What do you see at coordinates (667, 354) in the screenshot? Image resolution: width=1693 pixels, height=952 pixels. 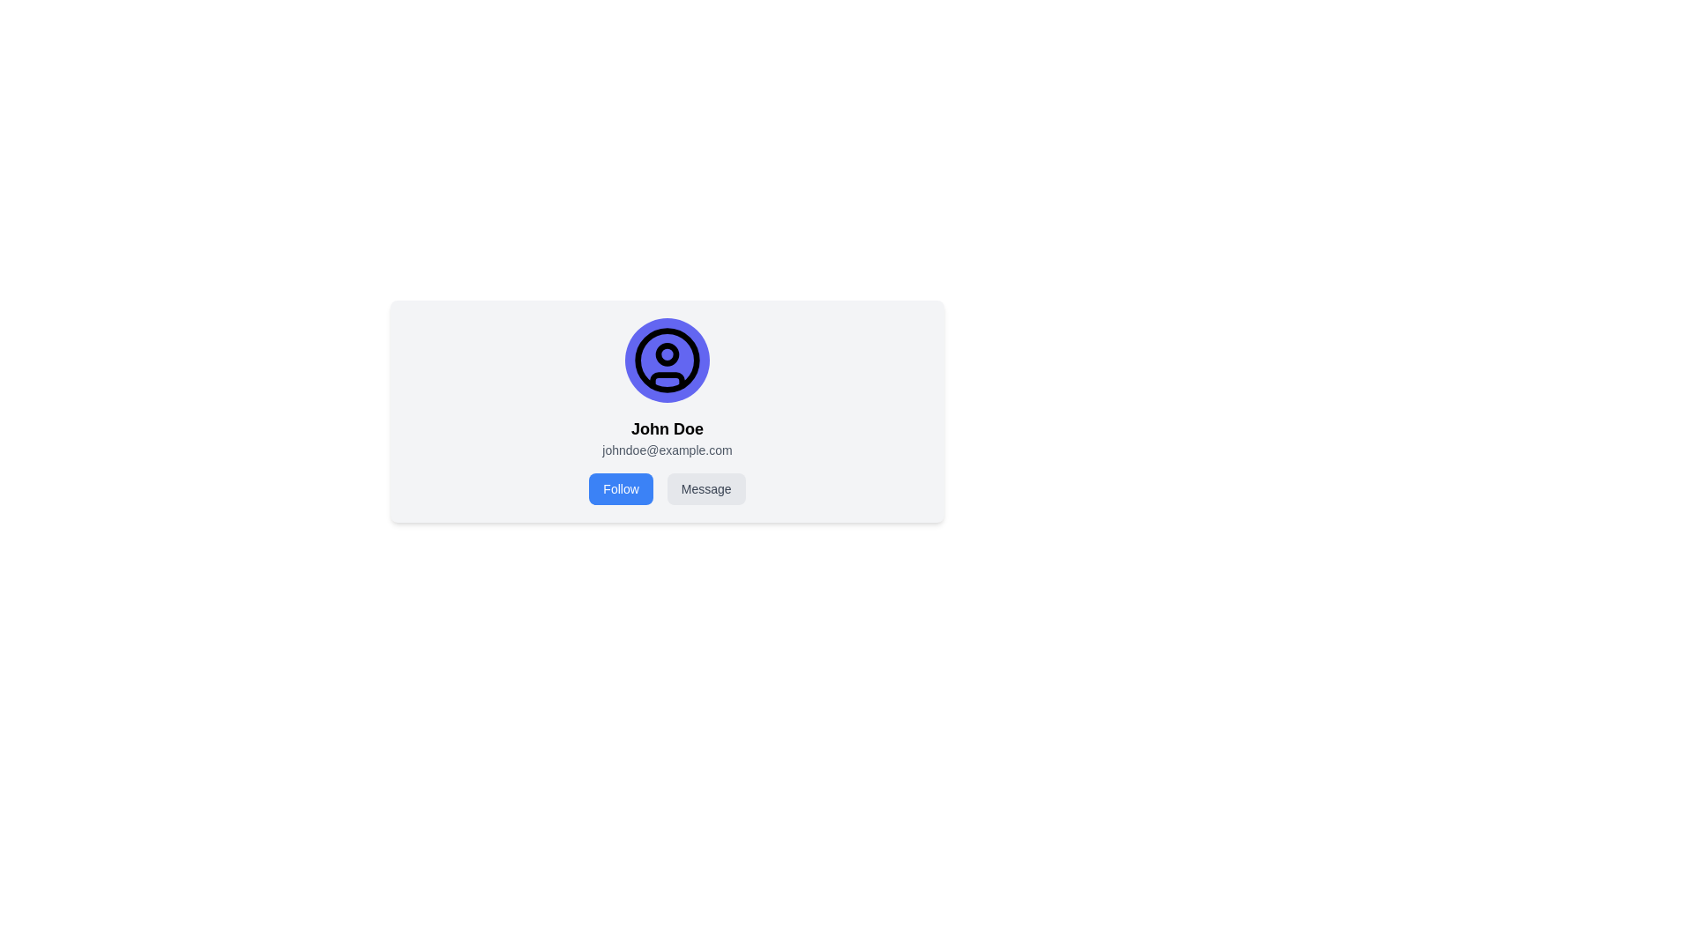 I see `the SVG Circle representing the user's head in the user profile icon` at bounding box center [667, 354].